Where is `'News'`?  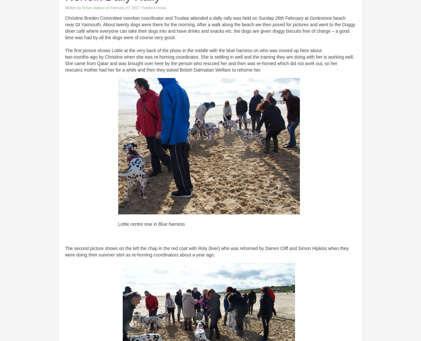
'News' is located at coordinates (162, 7).